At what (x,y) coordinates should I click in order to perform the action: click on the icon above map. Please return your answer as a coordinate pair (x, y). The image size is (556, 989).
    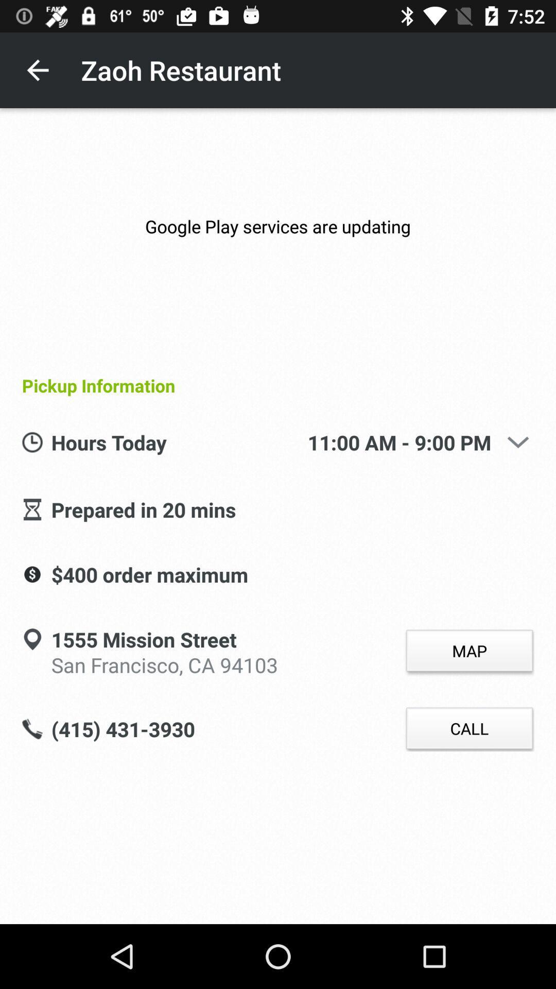
    Looking at the image, I should click on (518, 442).